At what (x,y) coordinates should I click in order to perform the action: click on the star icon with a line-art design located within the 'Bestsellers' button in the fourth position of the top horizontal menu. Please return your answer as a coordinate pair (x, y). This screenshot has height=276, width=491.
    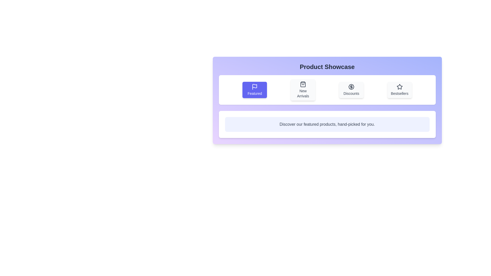
    Looking at the image, I should click on (399, 86).